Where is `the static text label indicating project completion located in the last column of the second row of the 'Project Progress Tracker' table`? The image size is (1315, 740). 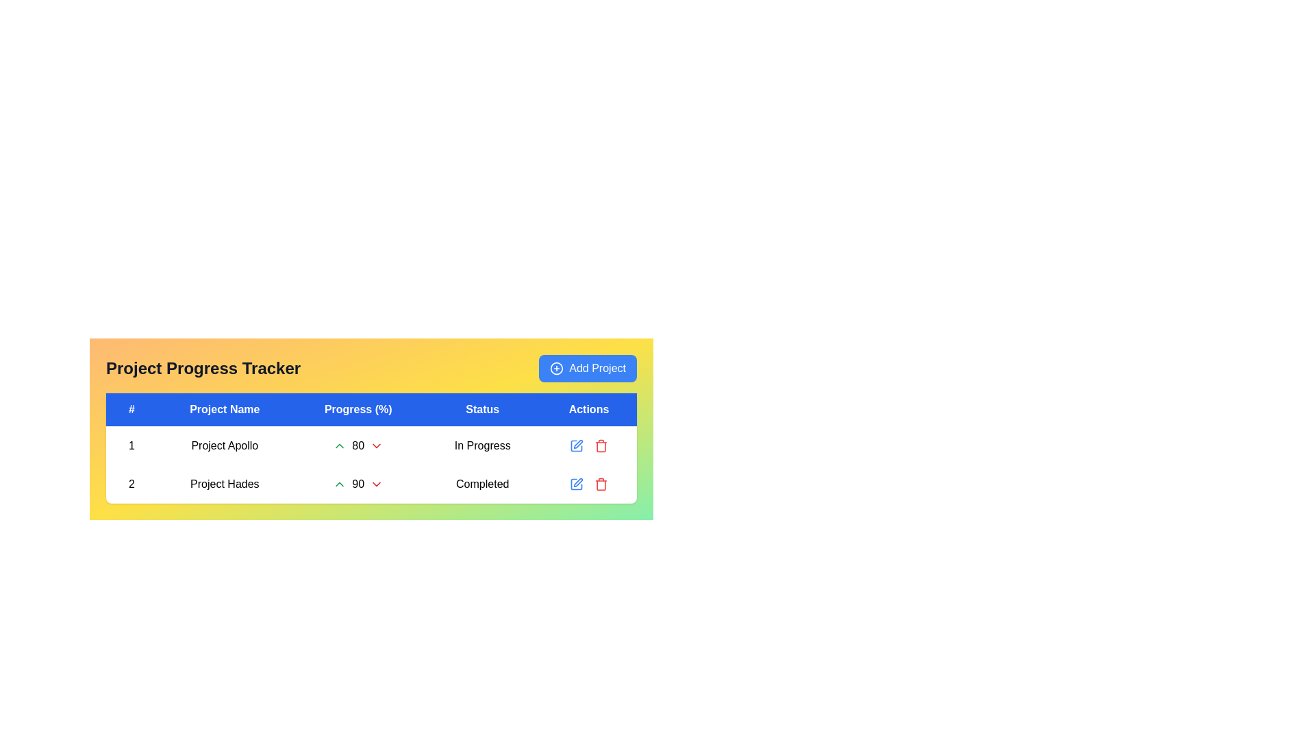
the static text label indicating project completion located in the last column of the second row of the 'Project Progress Tracker' table is located at coordinates (482, 483).